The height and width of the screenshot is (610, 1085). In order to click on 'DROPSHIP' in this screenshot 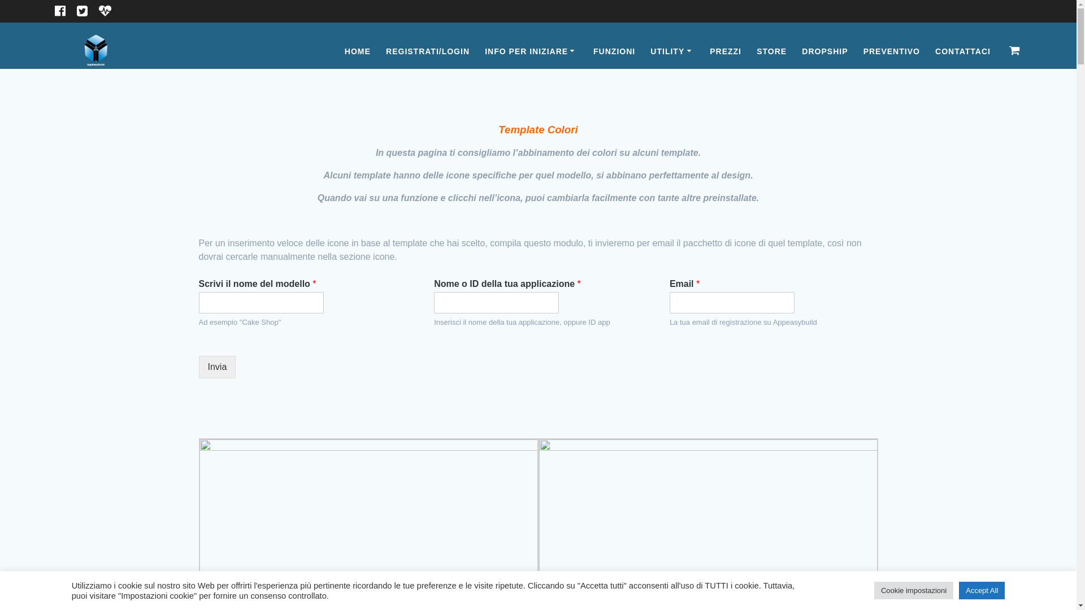, I will do `click(801, 51)`.